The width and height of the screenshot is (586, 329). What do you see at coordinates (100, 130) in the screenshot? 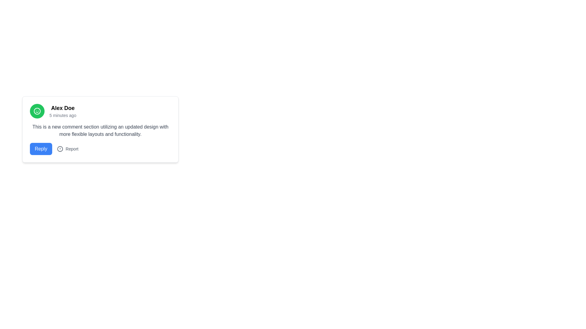
I see `text block styled with gray color and serif font, located in the middle segment of the comment card, below the user's name 'Alex Doe' and timestamp '5 minutes ago', and above the action buttons 'Reply' and 'Report'` at bounding box center [100, 130].